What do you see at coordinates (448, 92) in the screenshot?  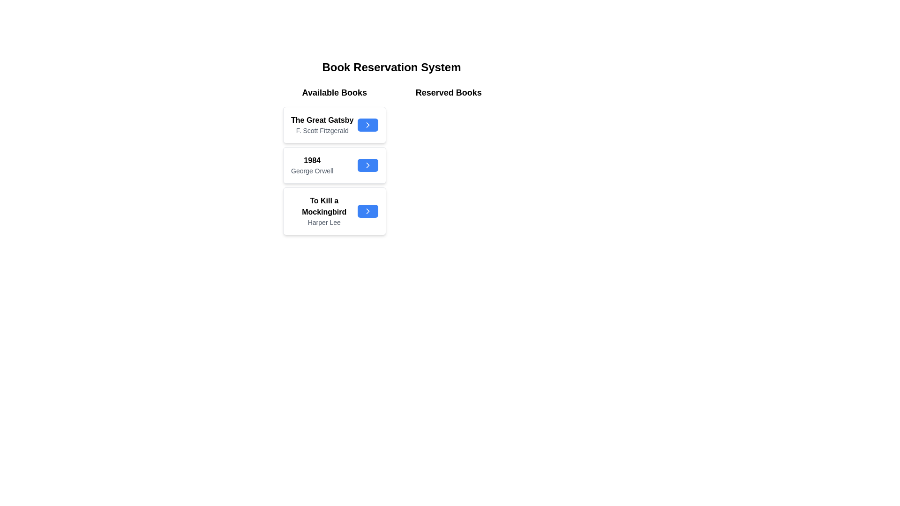 I see `the text label or heading that reads 'Reserved Books', which is styled in a bold, large font and located in the top-center area of the interface` at bounding box center [448, 92].